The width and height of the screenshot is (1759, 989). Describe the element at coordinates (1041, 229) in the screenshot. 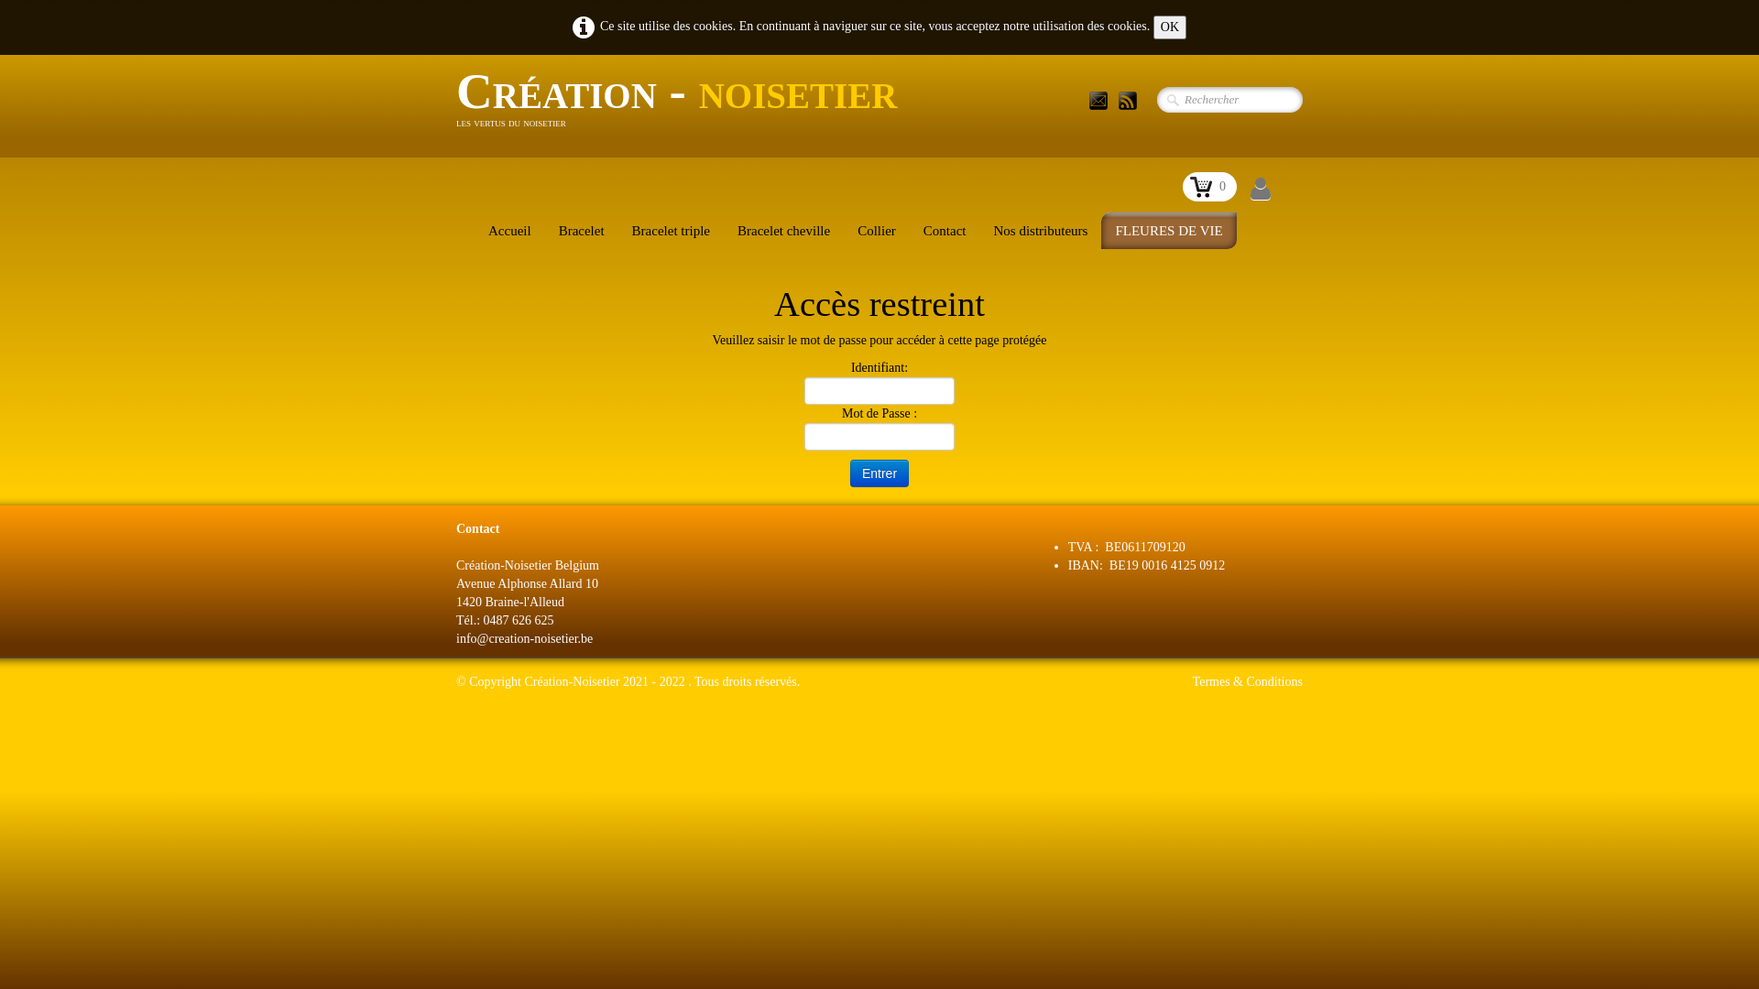

I see `'Nos distributeurs'` at that location.